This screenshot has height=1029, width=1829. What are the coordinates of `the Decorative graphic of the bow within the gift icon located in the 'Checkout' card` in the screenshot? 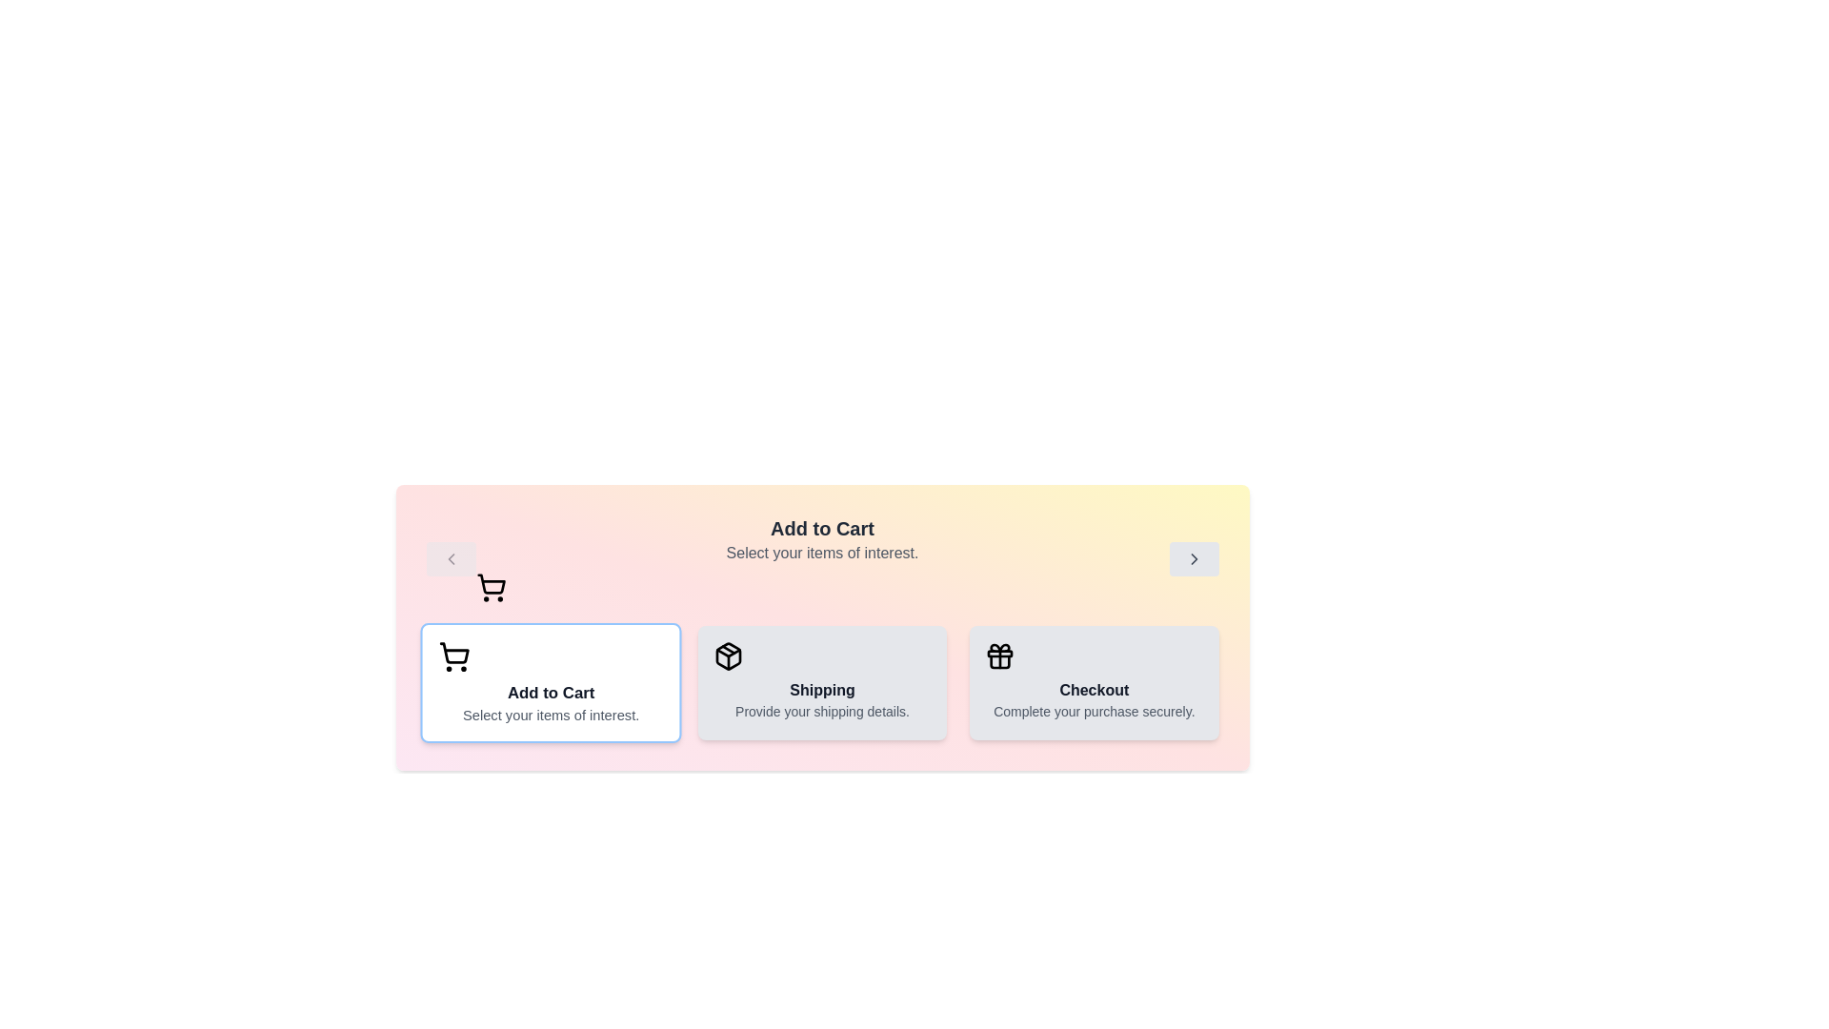 It's located at (999, 647).